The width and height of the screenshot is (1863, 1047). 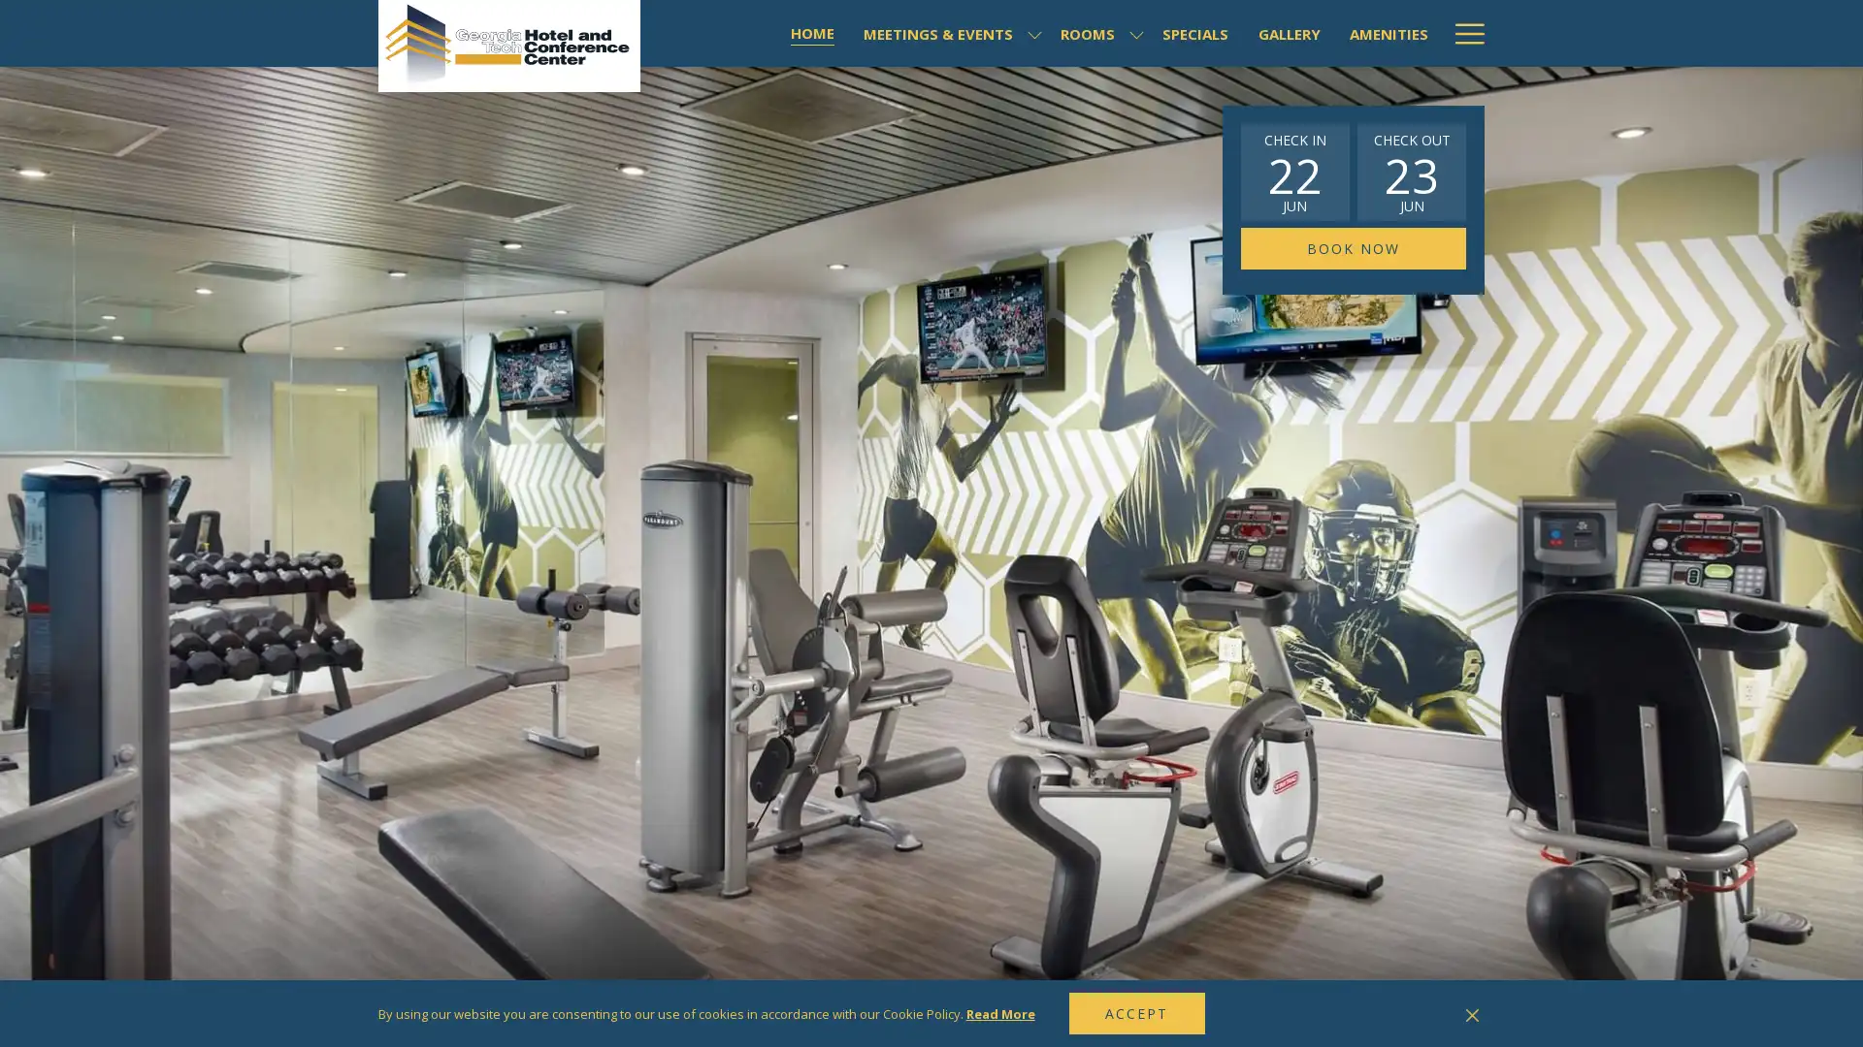 I want to click on Pause slideshow, so click(x=1450, y=1014).